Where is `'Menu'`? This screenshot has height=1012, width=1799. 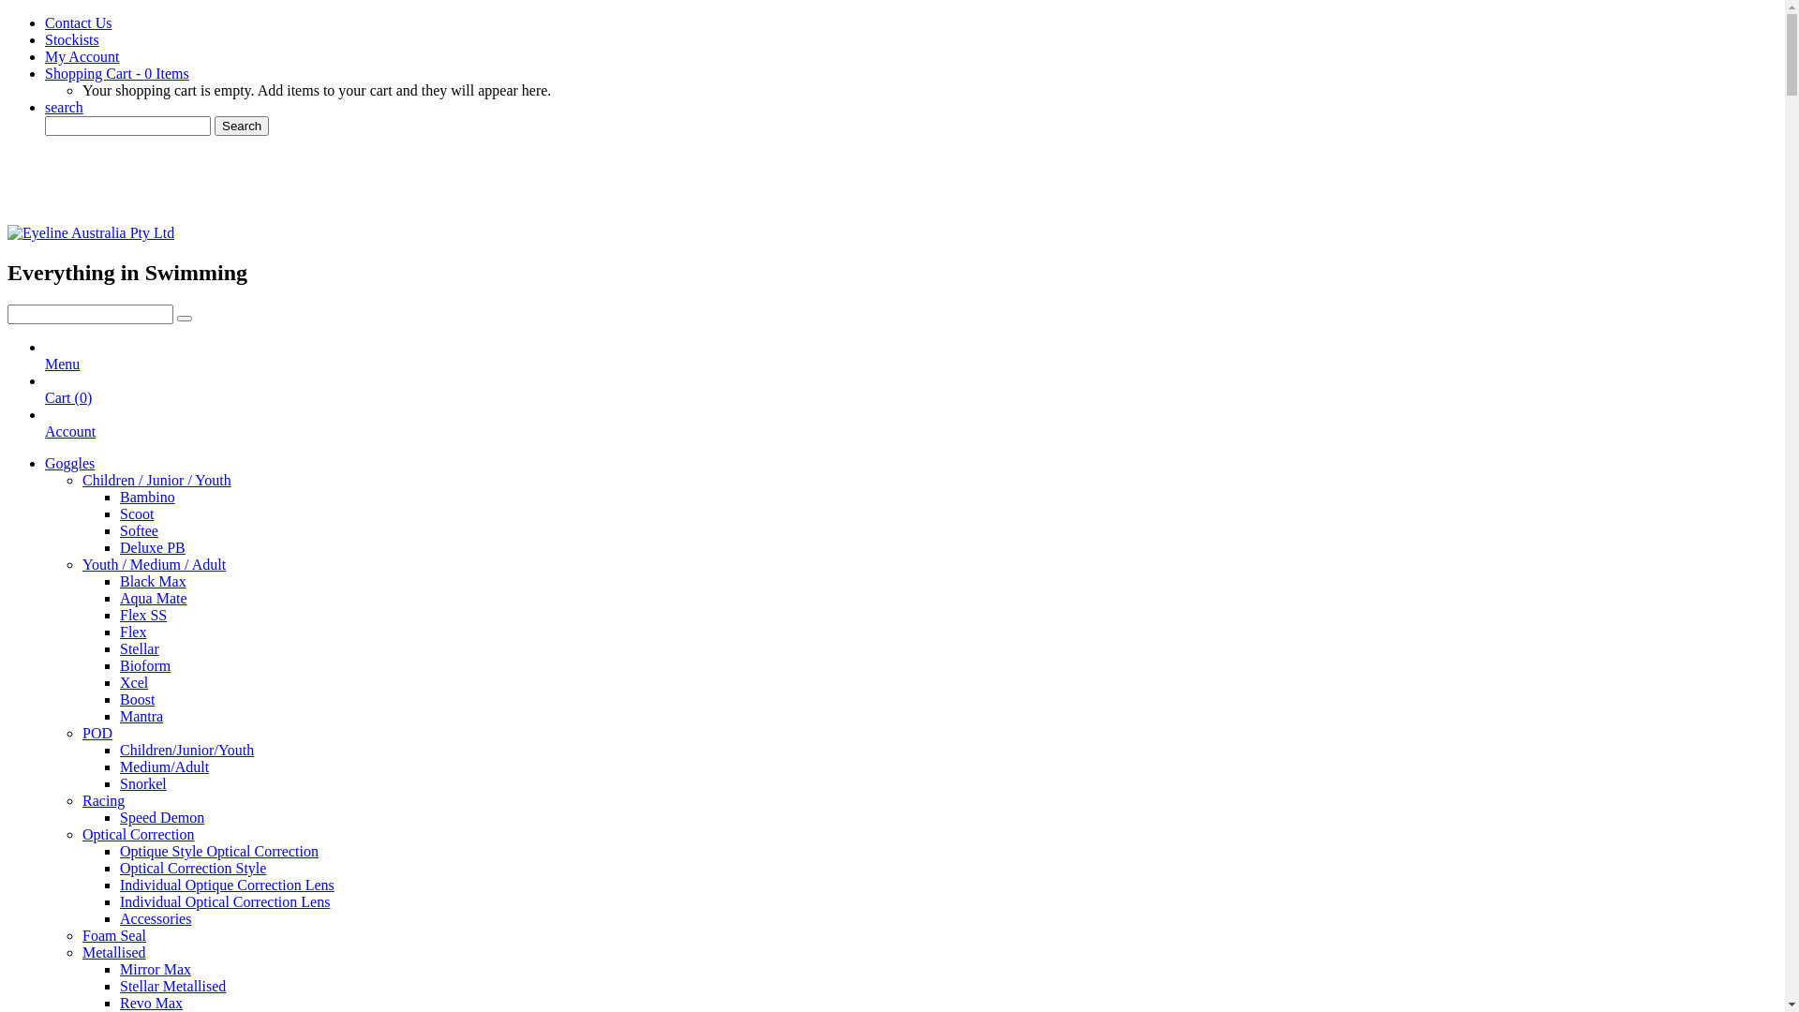 'Menu' is located at coordinates (45, 372).